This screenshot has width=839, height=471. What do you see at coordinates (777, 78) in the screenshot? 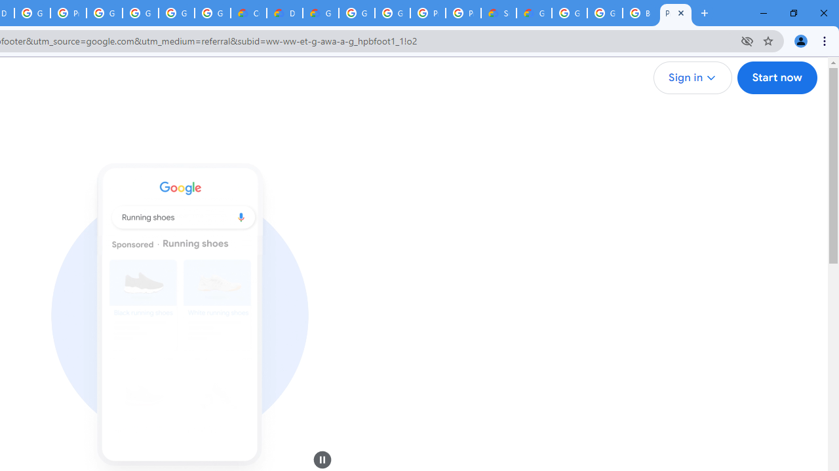
I see `'Start now'` at bounding box center [777, 78].